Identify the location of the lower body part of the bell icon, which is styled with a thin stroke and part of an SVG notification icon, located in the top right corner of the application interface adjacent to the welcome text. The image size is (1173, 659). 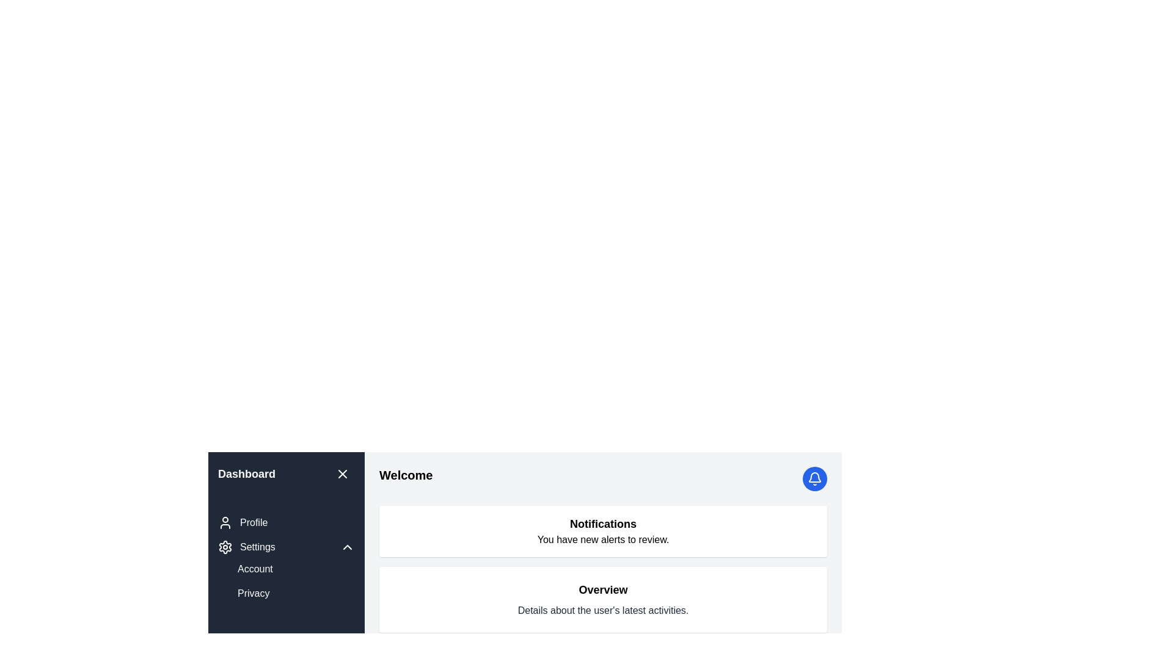
(815, 477).